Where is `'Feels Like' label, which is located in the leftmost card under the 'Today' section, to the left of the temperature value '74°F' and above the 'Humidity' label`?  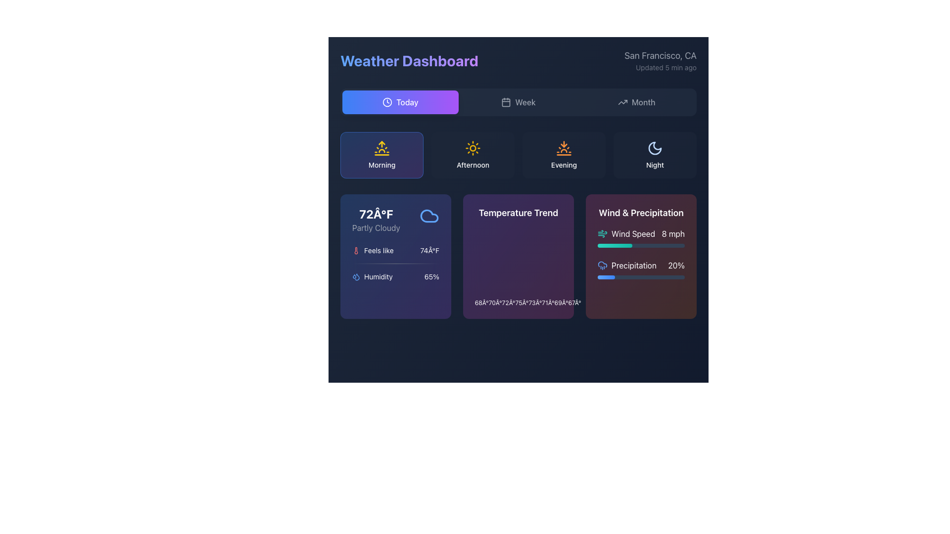
'Feels Like' label, which is located in the leftmost card under the 'Today' section, to the left of the temperature value '74°F' and above the 'Humidity' label is located at coordinates (372, 250).